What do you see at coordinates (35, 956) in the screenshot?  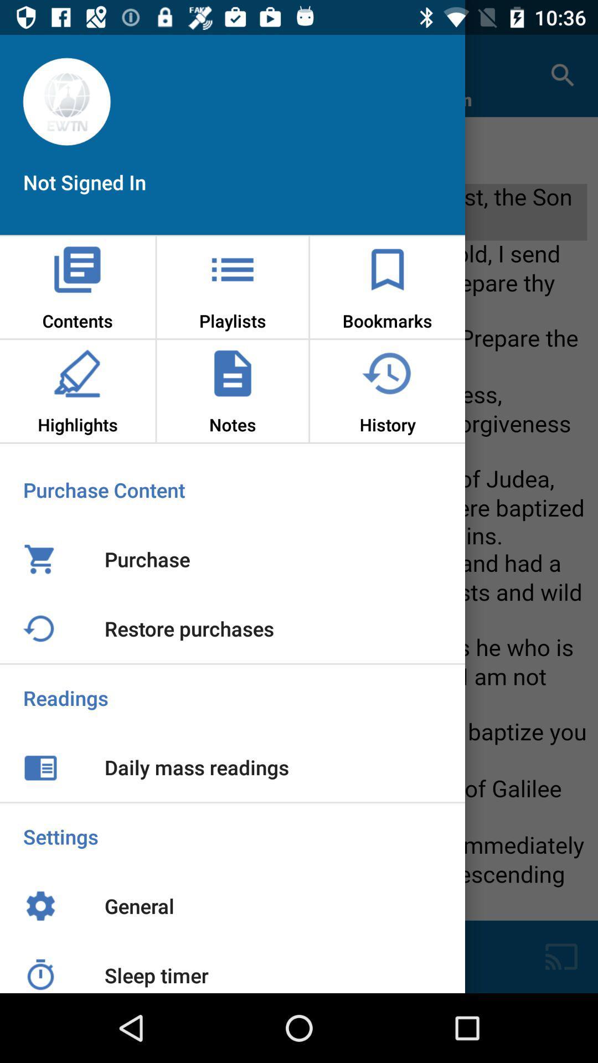 I see `the time icon` at bounding box center [35, 956].